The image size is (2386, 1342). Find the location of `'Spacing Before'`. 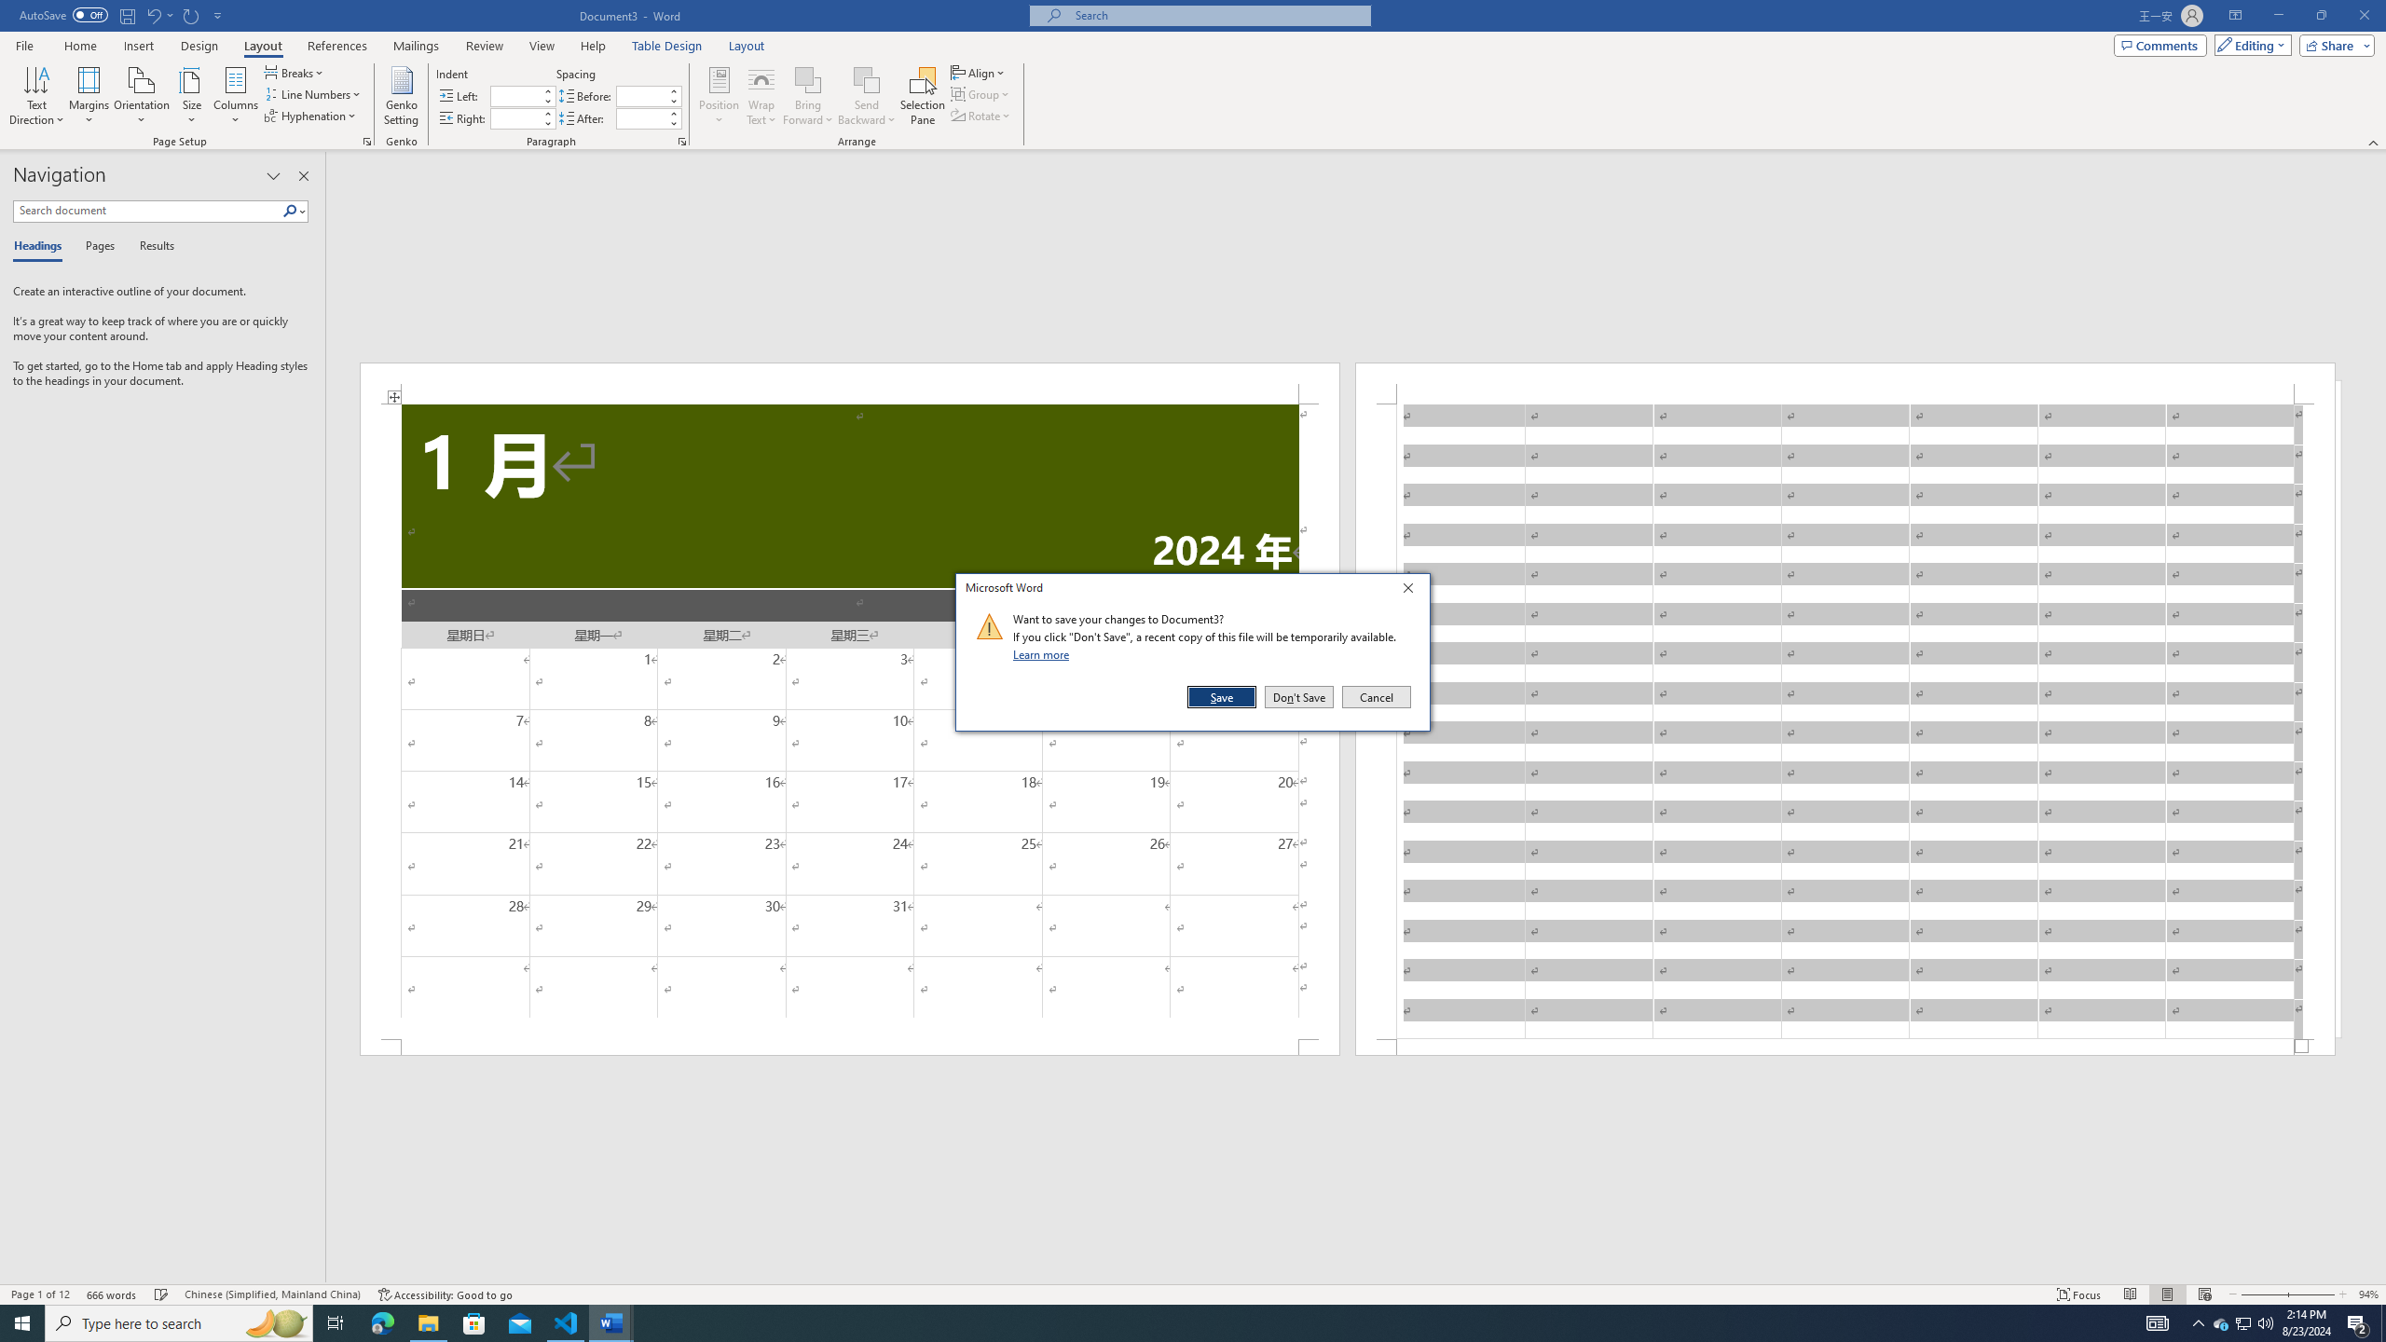

'Spacing Before' is located at coordinates (641, 95).